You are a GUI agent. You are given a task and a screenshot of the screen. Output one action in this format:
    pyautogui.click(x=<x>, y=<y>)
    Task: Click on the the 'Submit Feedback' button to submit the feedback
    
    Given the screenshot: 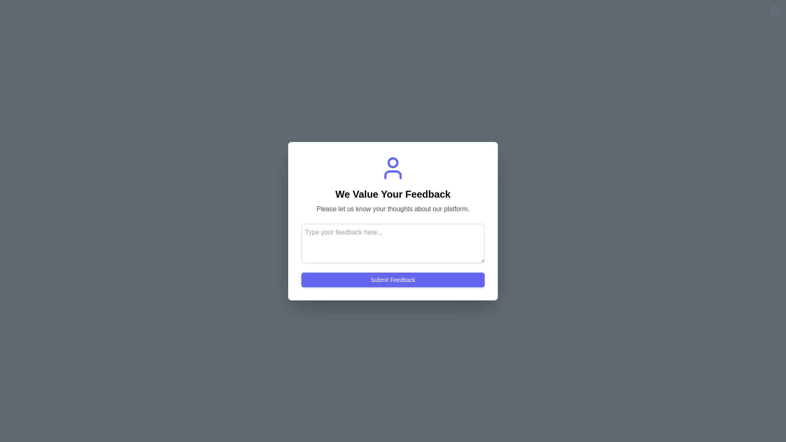 What is the action you would take?
    pyautogui.click(x=393, y=279)
    